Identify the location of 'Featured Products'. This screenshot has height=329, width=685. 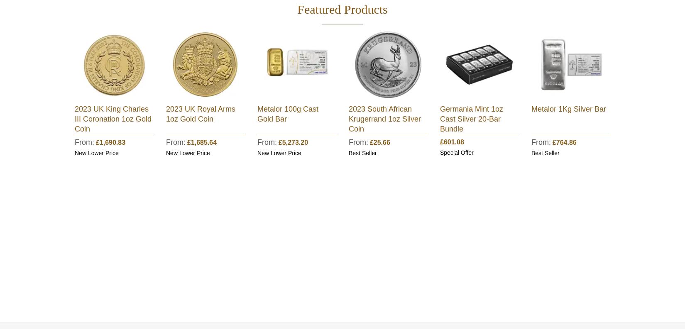
(342, 9).